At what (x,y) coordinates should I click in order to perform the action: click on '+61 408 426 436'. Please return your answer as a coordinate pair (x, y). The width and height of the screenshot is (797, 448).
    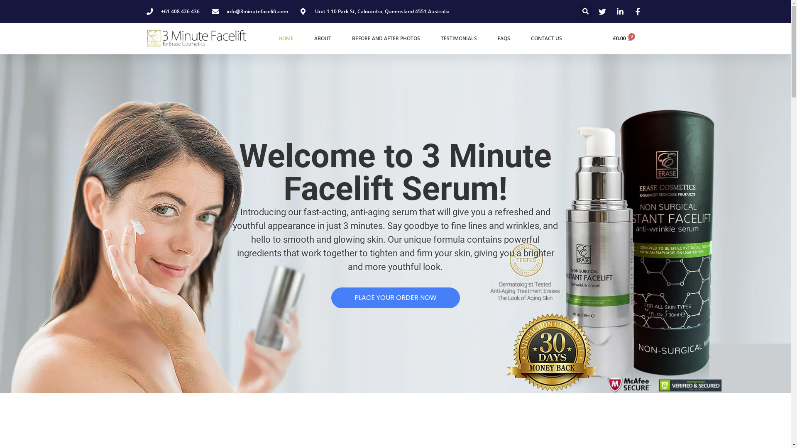
    Looking at the image, I should click on (172, 11).